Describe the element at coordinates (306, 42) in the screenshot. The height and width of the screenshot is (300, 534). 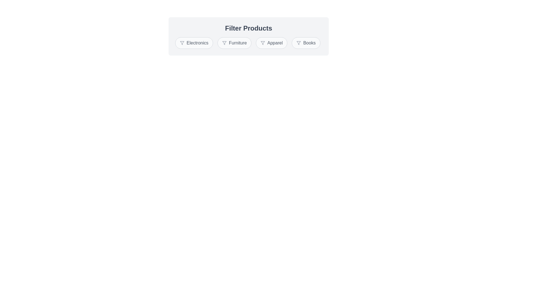
I see `the chip corresponding to the category Books` at that location.